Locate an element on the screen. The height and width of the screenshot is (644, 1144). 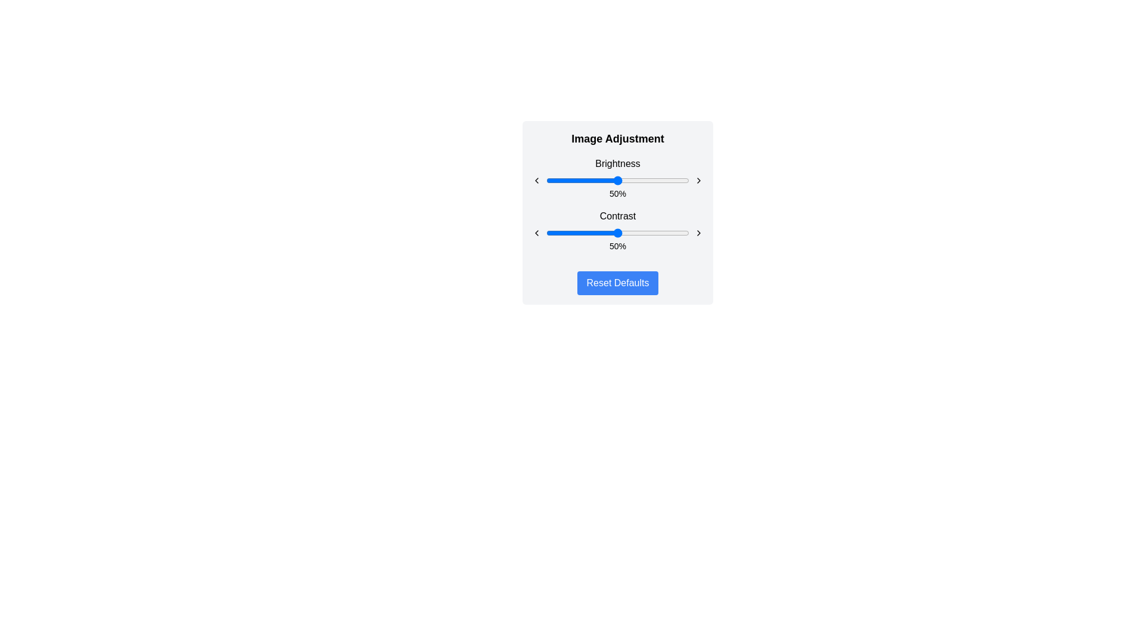
contrast is located at coordinates (666, 233).